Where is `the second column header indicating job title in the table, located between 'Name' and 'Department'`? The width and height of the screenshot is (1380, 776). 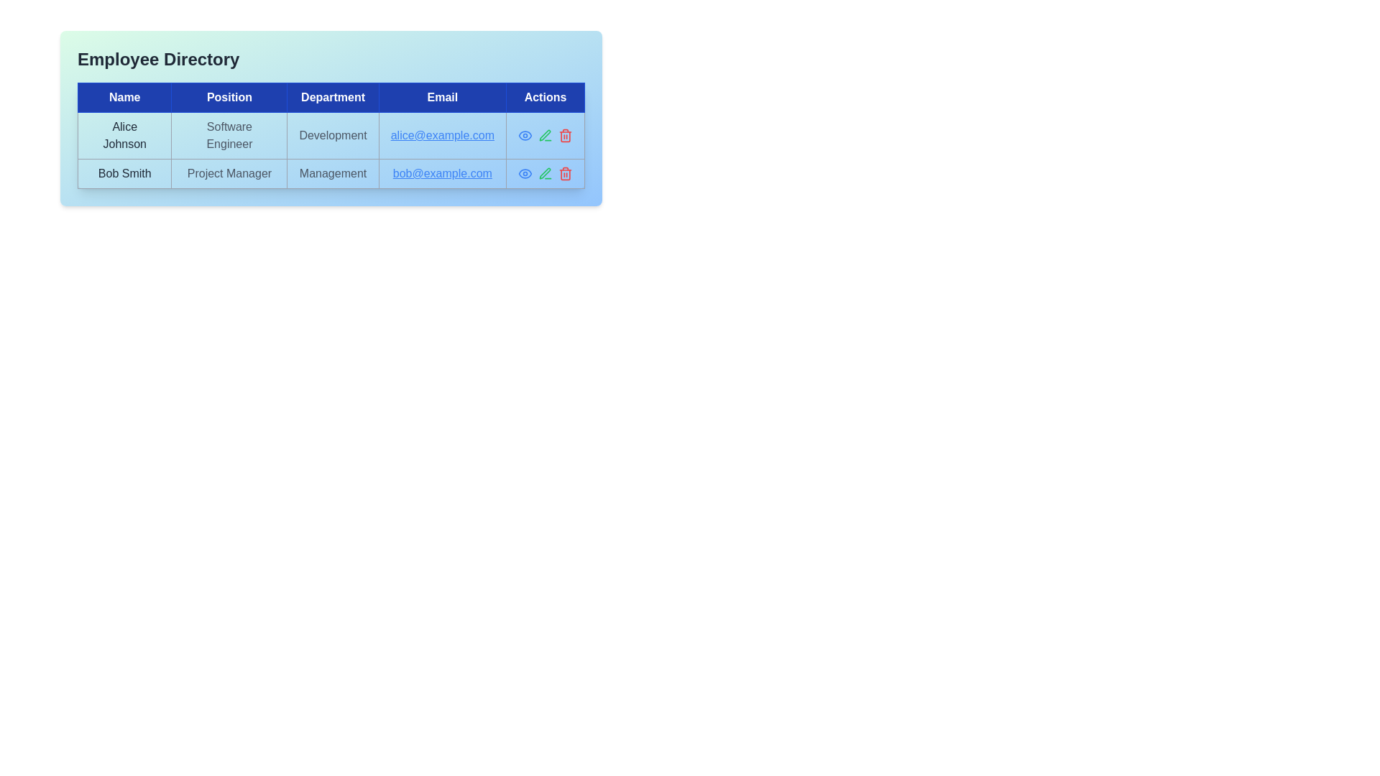
the second column header indicating job title in the table, located between 'Name' and 'Department' is located at coordinates (229, 97).